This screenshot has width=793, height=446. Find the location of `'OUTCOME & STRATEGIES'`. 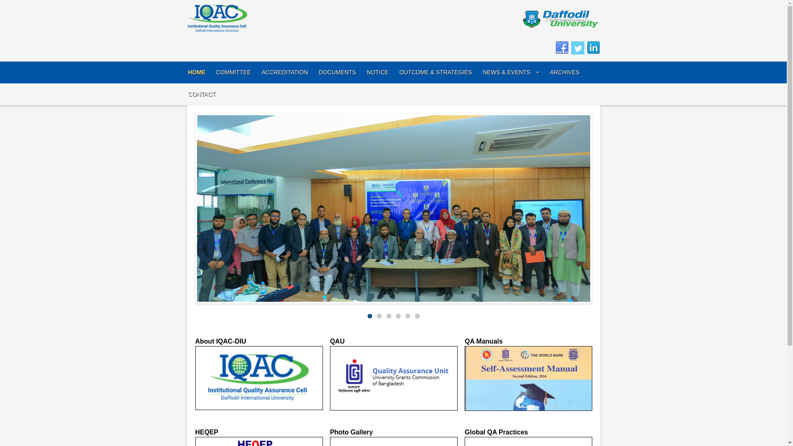

'OUTCOME & STRATEGIES' is located at coordinates (435, 72).